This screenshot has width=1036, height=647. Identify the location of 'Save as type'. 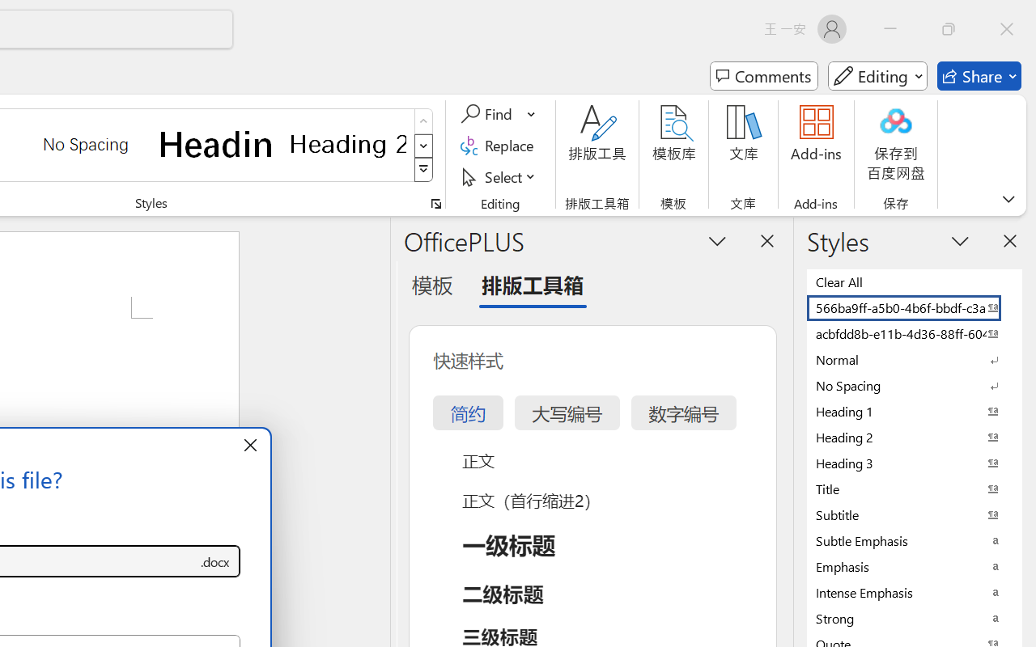
(214, 561).